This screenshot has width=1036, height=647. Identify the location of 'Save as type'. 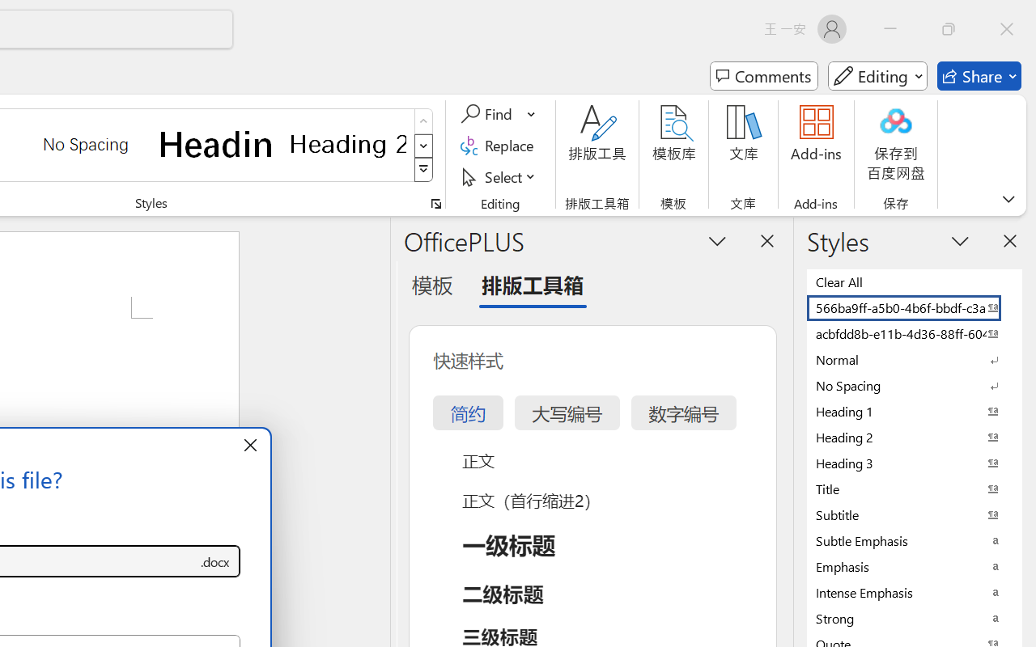
(214, 561).